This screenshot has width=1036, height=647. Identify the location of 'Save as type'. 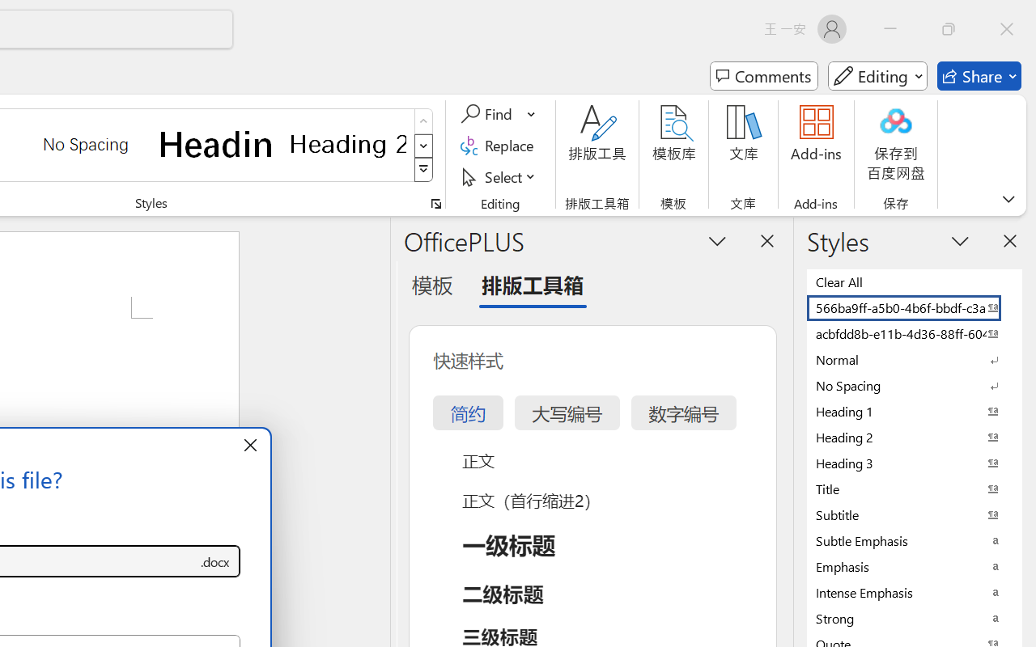
(214, 561).